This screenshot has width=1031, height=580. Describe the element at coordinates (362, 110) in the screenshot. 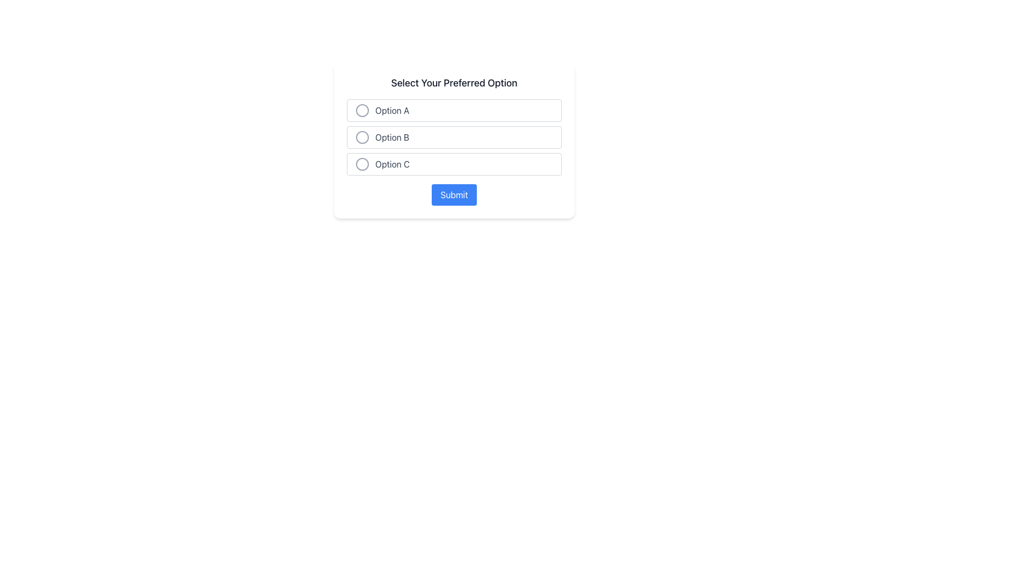

I see `the empty circular radio button located at the start of the 'Option A' selection row` at that location.